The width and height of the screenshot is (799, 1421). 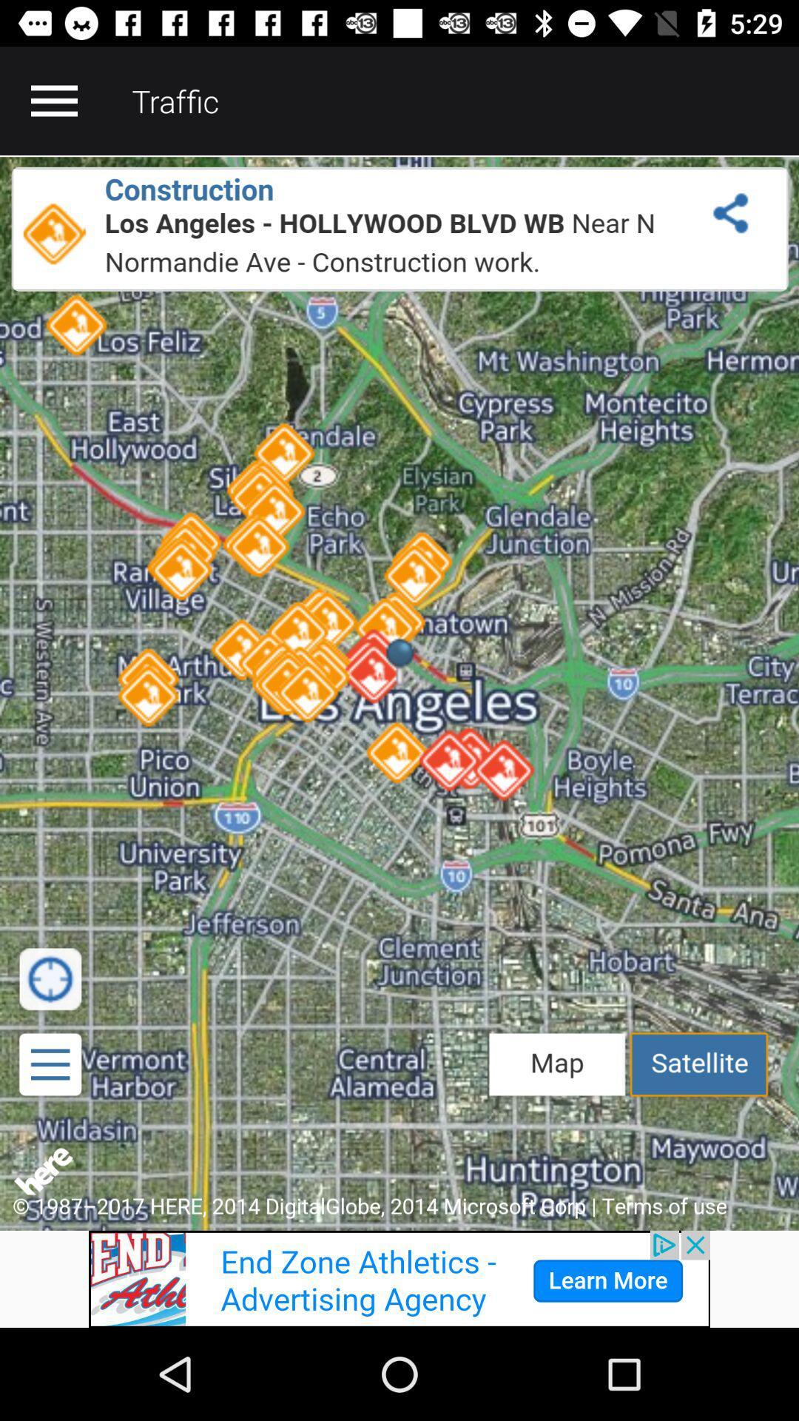 I want to click on menu button, so click(x=53, y=100).